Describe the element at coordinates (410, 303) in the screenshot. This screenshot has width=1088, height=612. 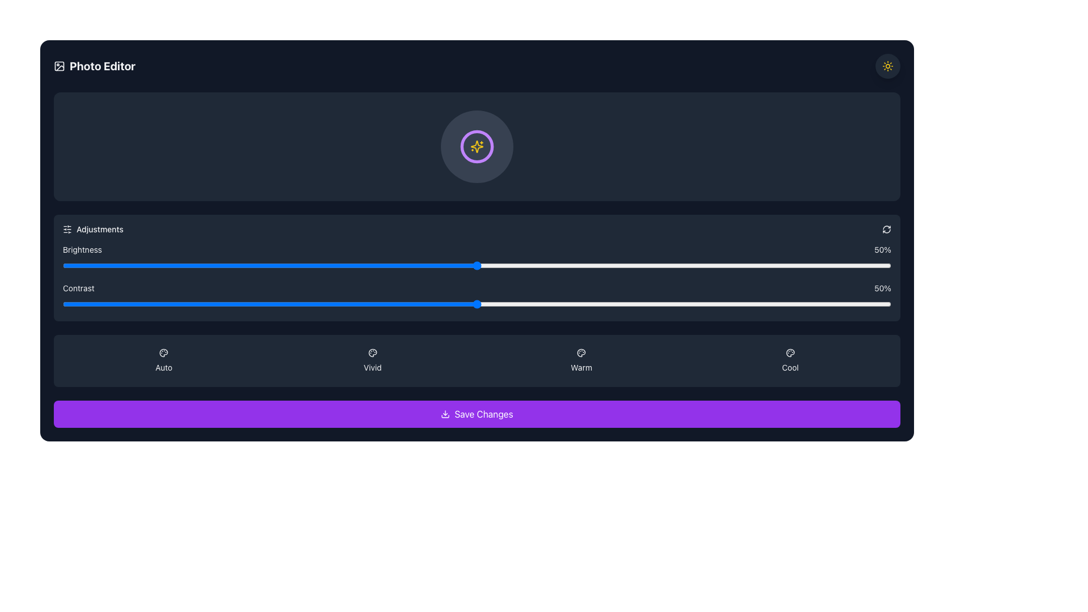
I see `the value of the slider` at that location.